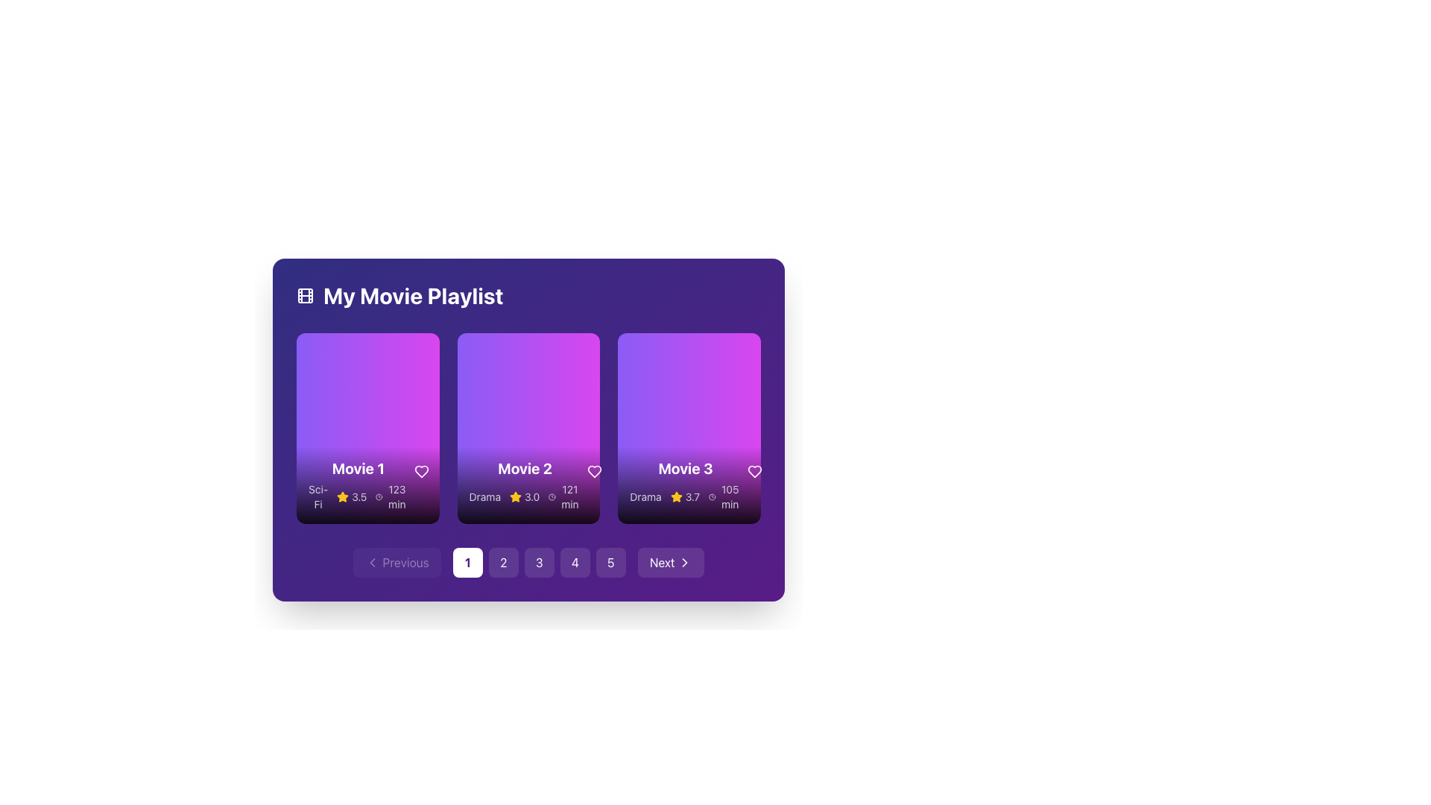 The image size is (1431, 805). What do you see at coordinates (645, 497) in the screenshot?
I see `the text label indicating the genre of the movie displayed in the Movie 3 card in the 'My Movie Playlist' section, located at the bottom-left corner of the card` at bounding box center [645, 497].